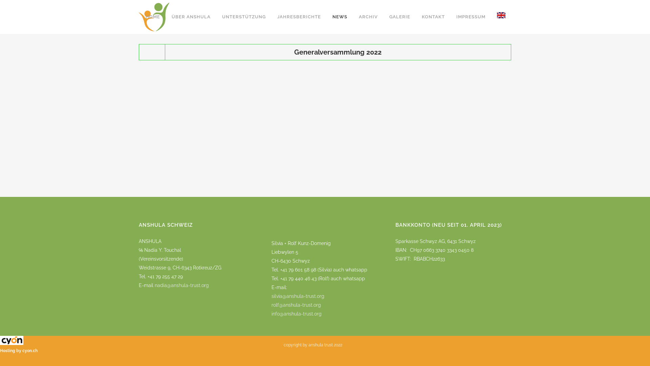 The height and width of the screenshot is (366, 650). Describe the element at coordinates (271, 304) in the screenshot. I see `'rolf@anshula-trust.org'` at that location.